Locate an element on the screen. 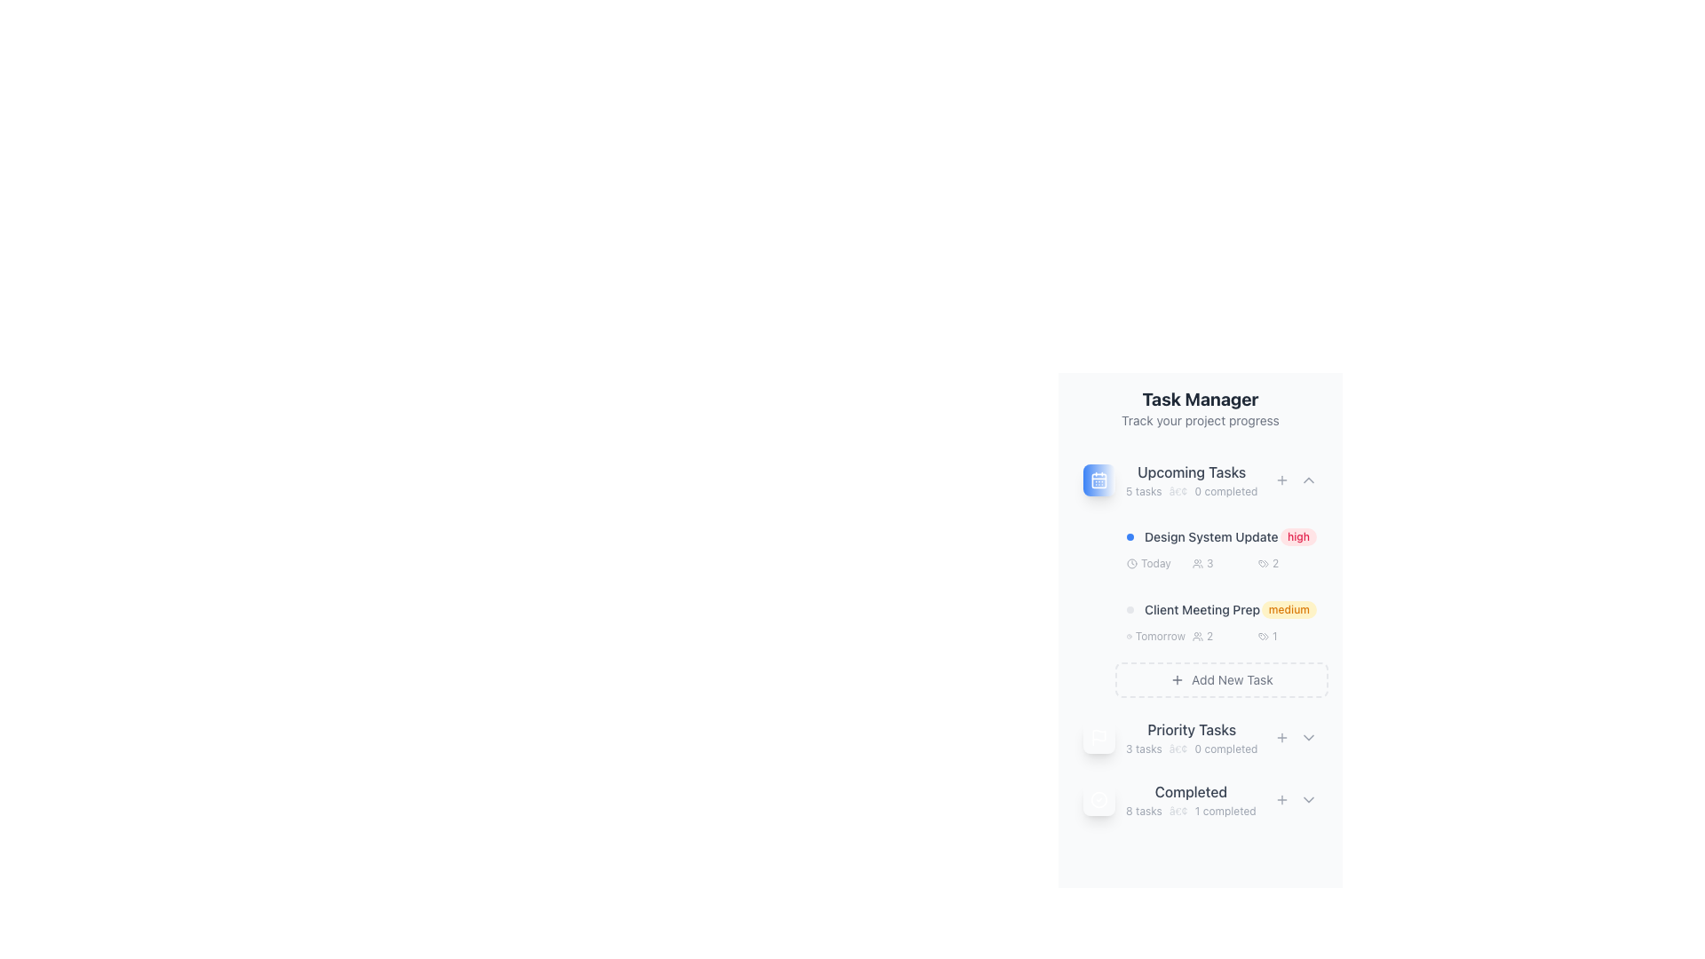 This screenshot has height=959, width=1705. the small gray circular 'plus' icon button located to the right of the 'Priority Tasks' section header in the Task Manager interface is located at coordinates (1282, 737).